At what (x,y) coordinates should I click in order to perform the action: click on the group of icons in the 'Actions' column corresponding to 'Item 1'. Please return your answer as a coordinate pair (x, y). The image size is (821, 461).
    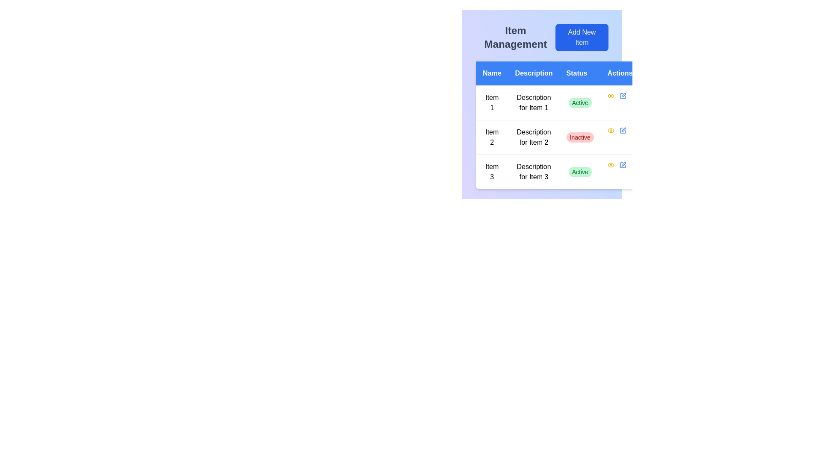
    Looking at the image, I should click on (623, 96).